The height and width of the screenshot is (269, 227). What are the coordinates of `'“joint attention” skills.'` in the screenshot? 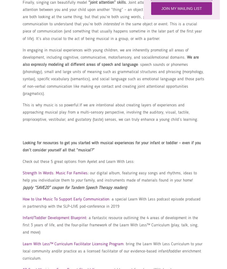 It's located at (107, 2).